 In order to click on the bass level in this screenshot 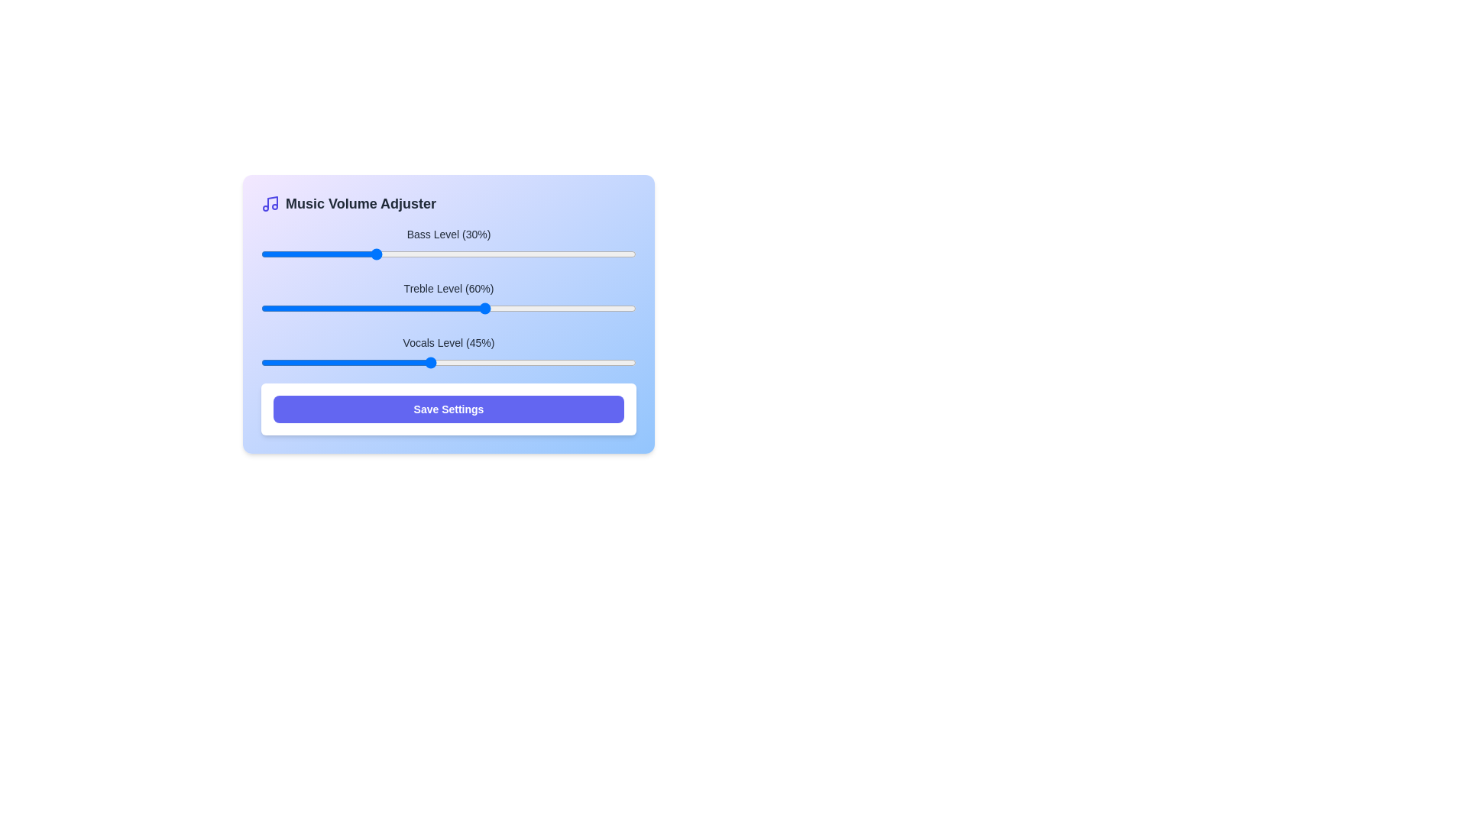, I will do `click(494, 253)`.